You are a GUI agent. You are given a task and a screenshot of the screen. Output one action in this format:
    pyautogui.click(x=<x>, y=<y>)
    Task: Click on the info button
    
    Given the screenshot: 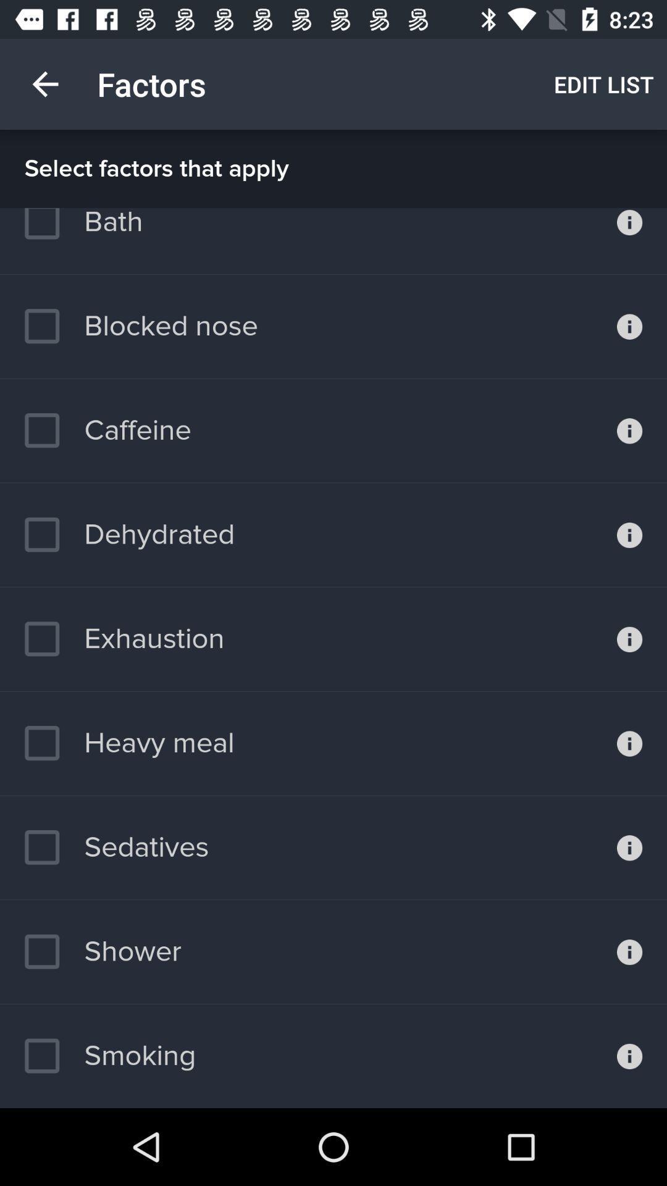 What is the action you would take?
    pyautogui.click(x=629, y=639)
    